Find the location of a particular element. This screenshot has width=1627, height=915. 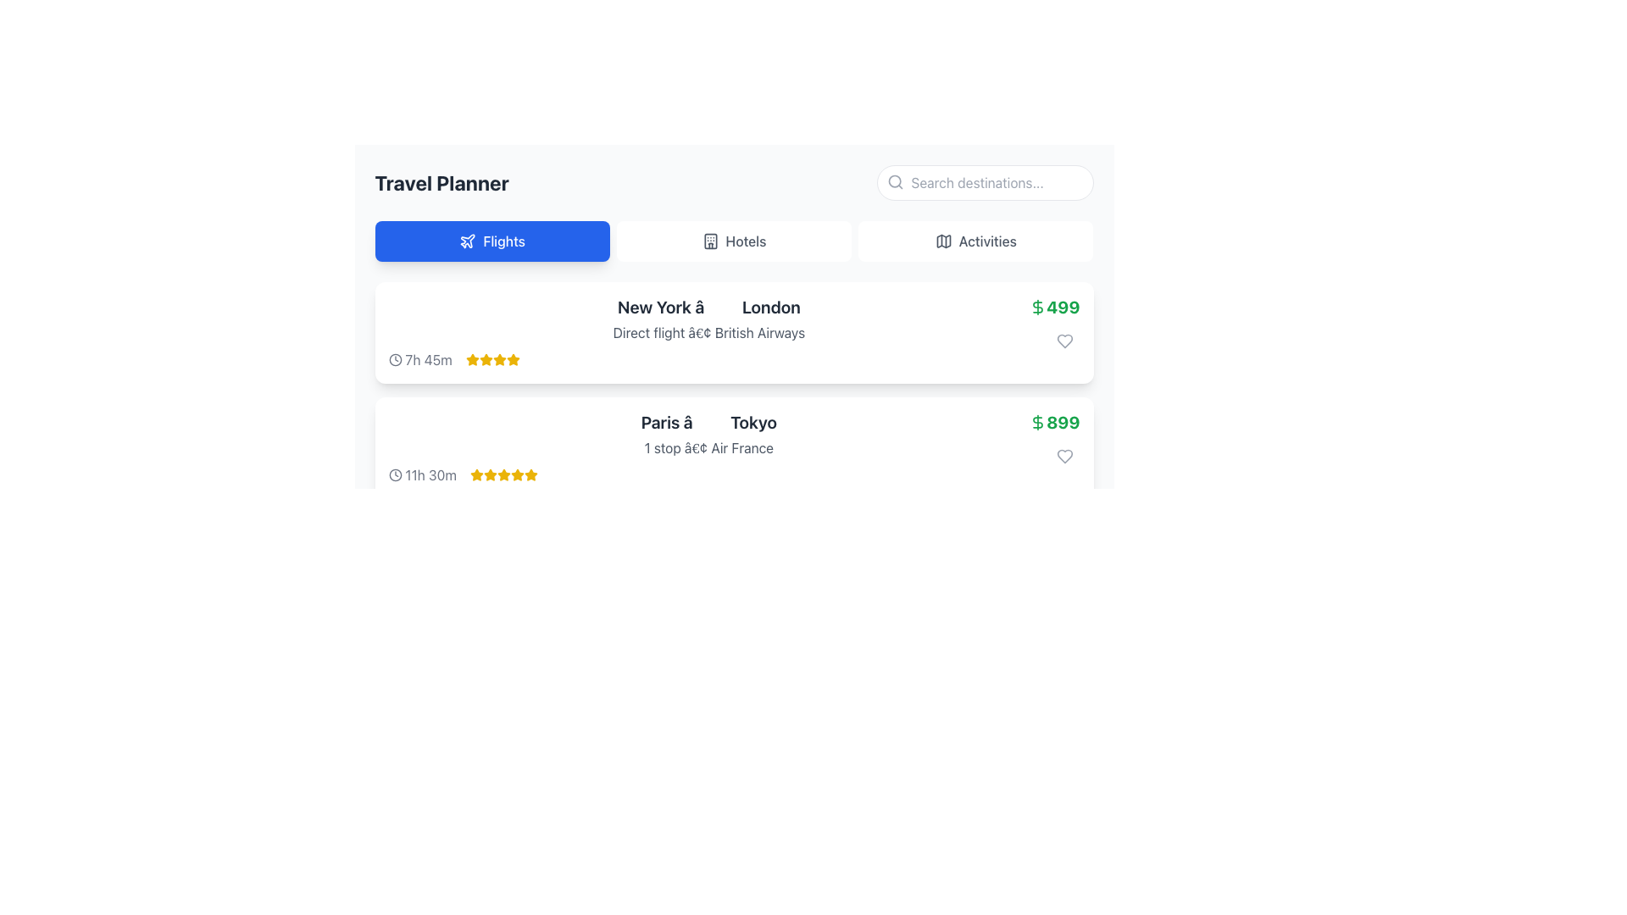

the price text element that displays the cost information for the travel option from New York to London, located above the heart-shaped interactive element is located at coordinates (1053, 307).